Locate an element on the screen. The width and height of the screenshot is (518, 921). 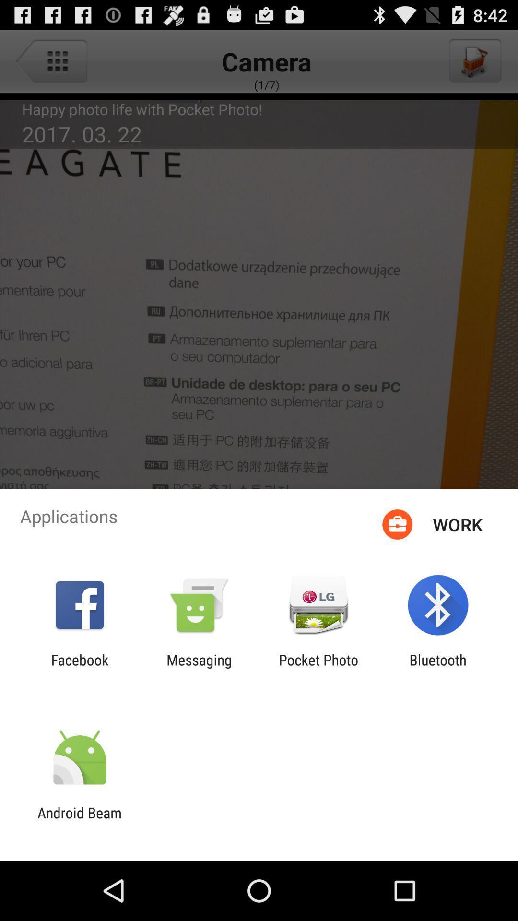
the android beam app is located at coordinates (79, 821).